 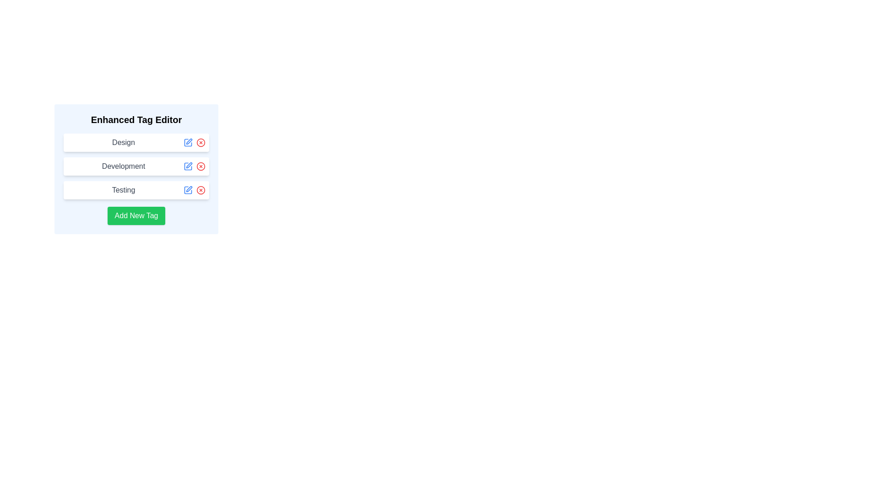 I want to click on the static text label in the 'Enhanced Tag Editor' section, located between 'Design' and 'Testing', so click(x=123, y=166).